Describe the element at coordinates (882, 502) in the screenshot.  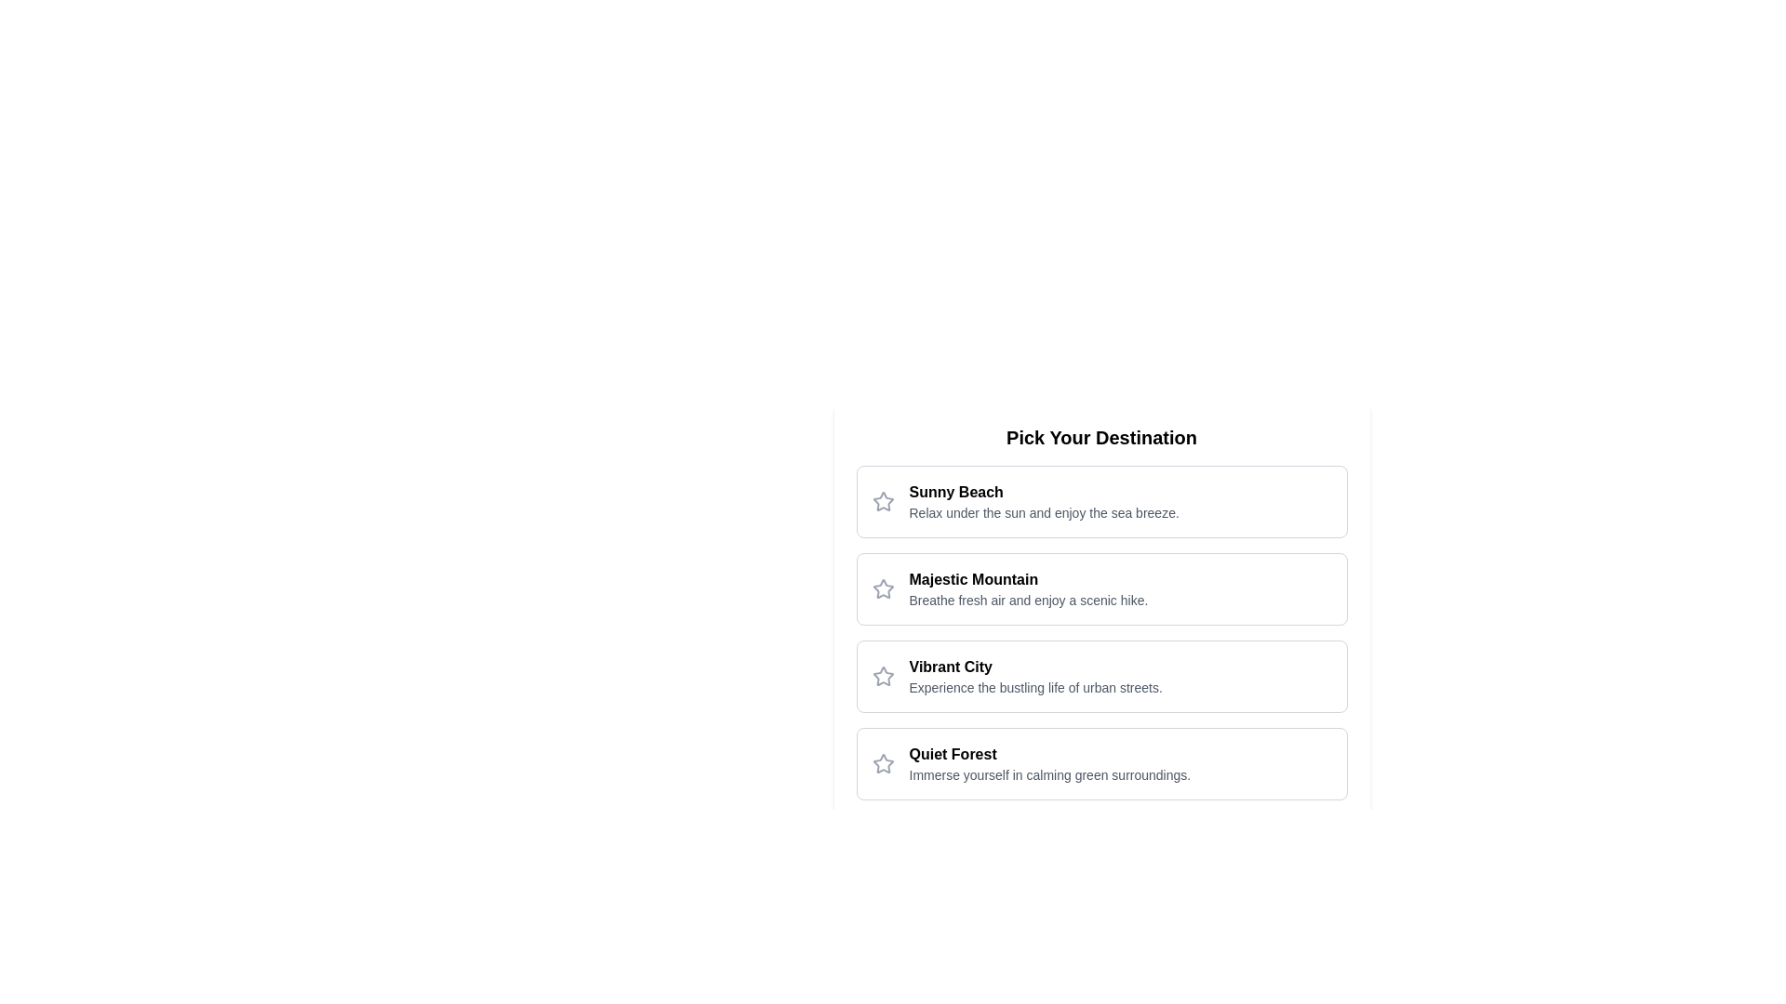
I see `the interactive rating or selection icon located at the left edge of the 'Sunny Beach' card, preceding the title text` at that location.